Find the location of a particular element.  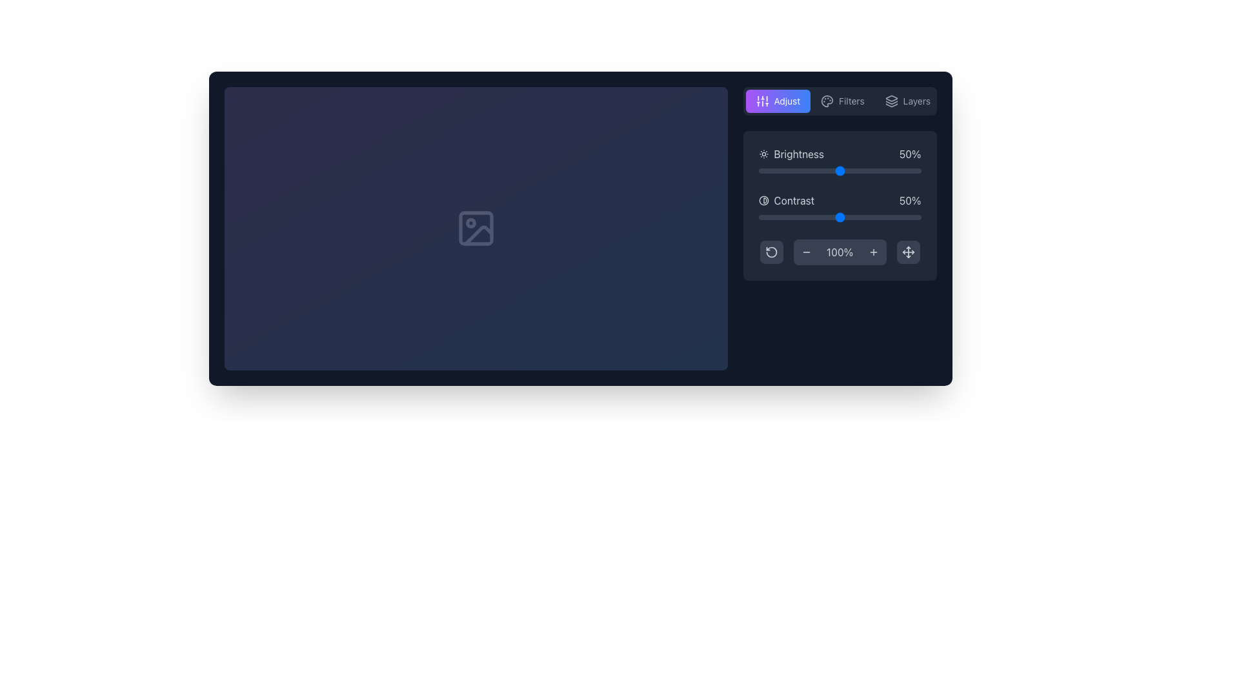

the slider value is located at coordinates (849, 170).